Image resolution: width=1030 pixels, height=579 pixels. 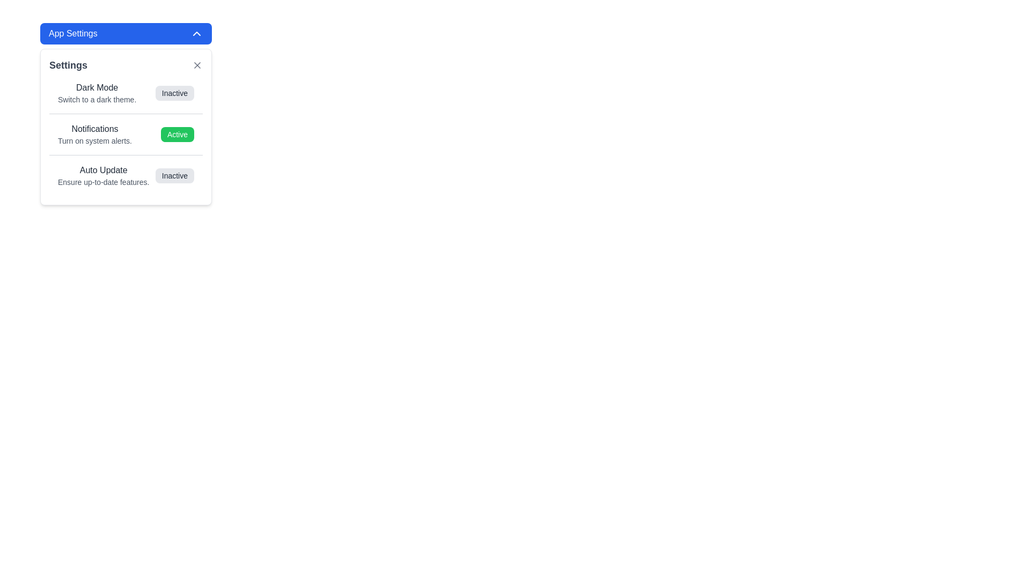 I want to click on the card-style section labeled 'Dark Mode' in the settings menu to check if the hover effect is active, so click(x=126, y=92).